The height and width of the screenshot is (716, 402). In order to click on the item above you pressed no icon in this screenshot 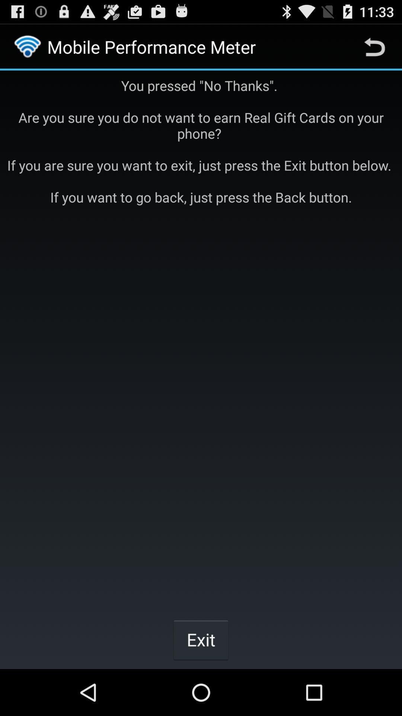, I will do `click(374, 46)`.